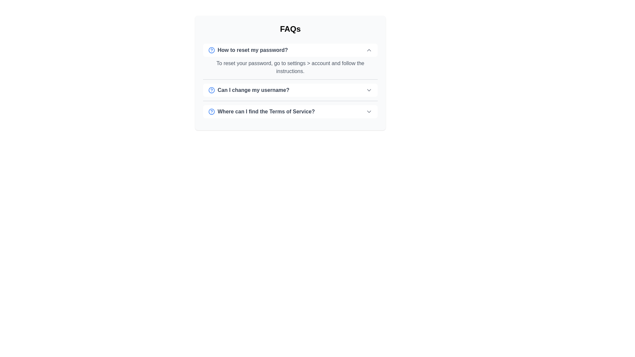 Image resolution: width=635 pixels, height=357 pixels. What do you see at coordinates (211, 50) in the screenshot?
I see `the SVG Circle that is part of the help-related icon located to the left of the FAQ entry 'How to reset my password?'` at bounding box center [211, 50].